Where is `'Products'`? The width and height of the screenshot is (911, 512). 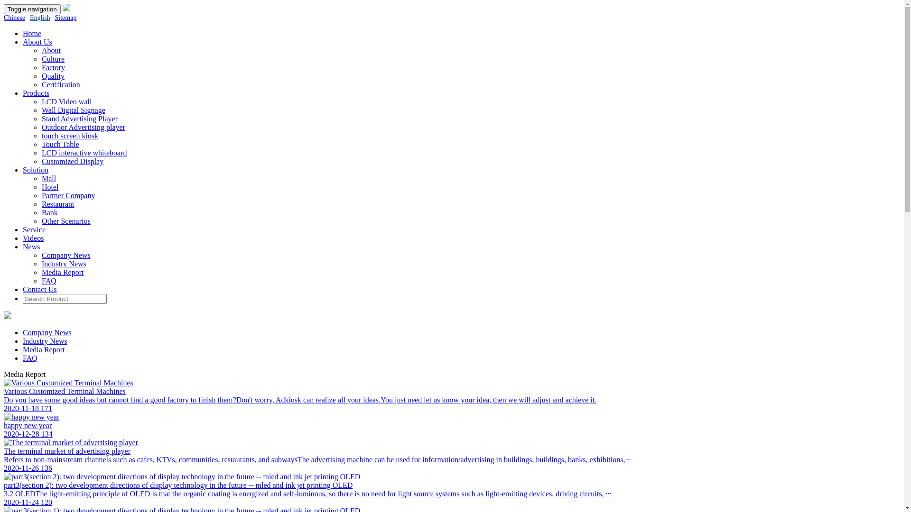 'Products' is located at coordinates (36, 93).